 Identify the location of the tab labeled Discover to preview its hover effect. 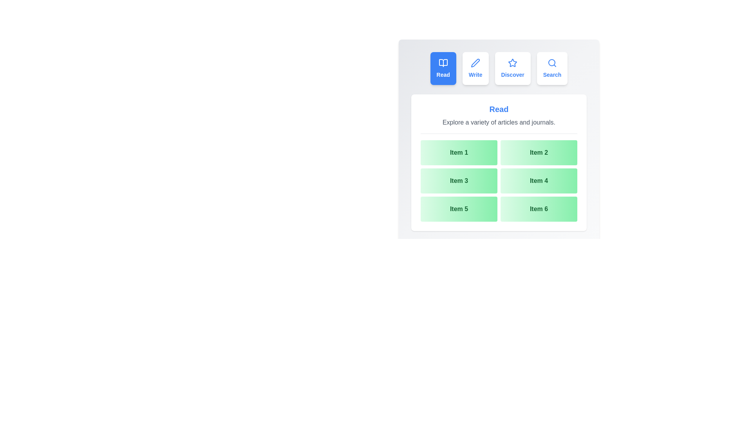
(513, 68).